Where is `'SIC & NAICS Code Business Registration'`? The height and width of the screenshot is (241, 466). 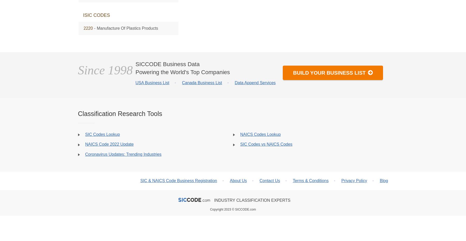 'SIC & NAICS Code Business Registration' is located at coordinates (178, 181).